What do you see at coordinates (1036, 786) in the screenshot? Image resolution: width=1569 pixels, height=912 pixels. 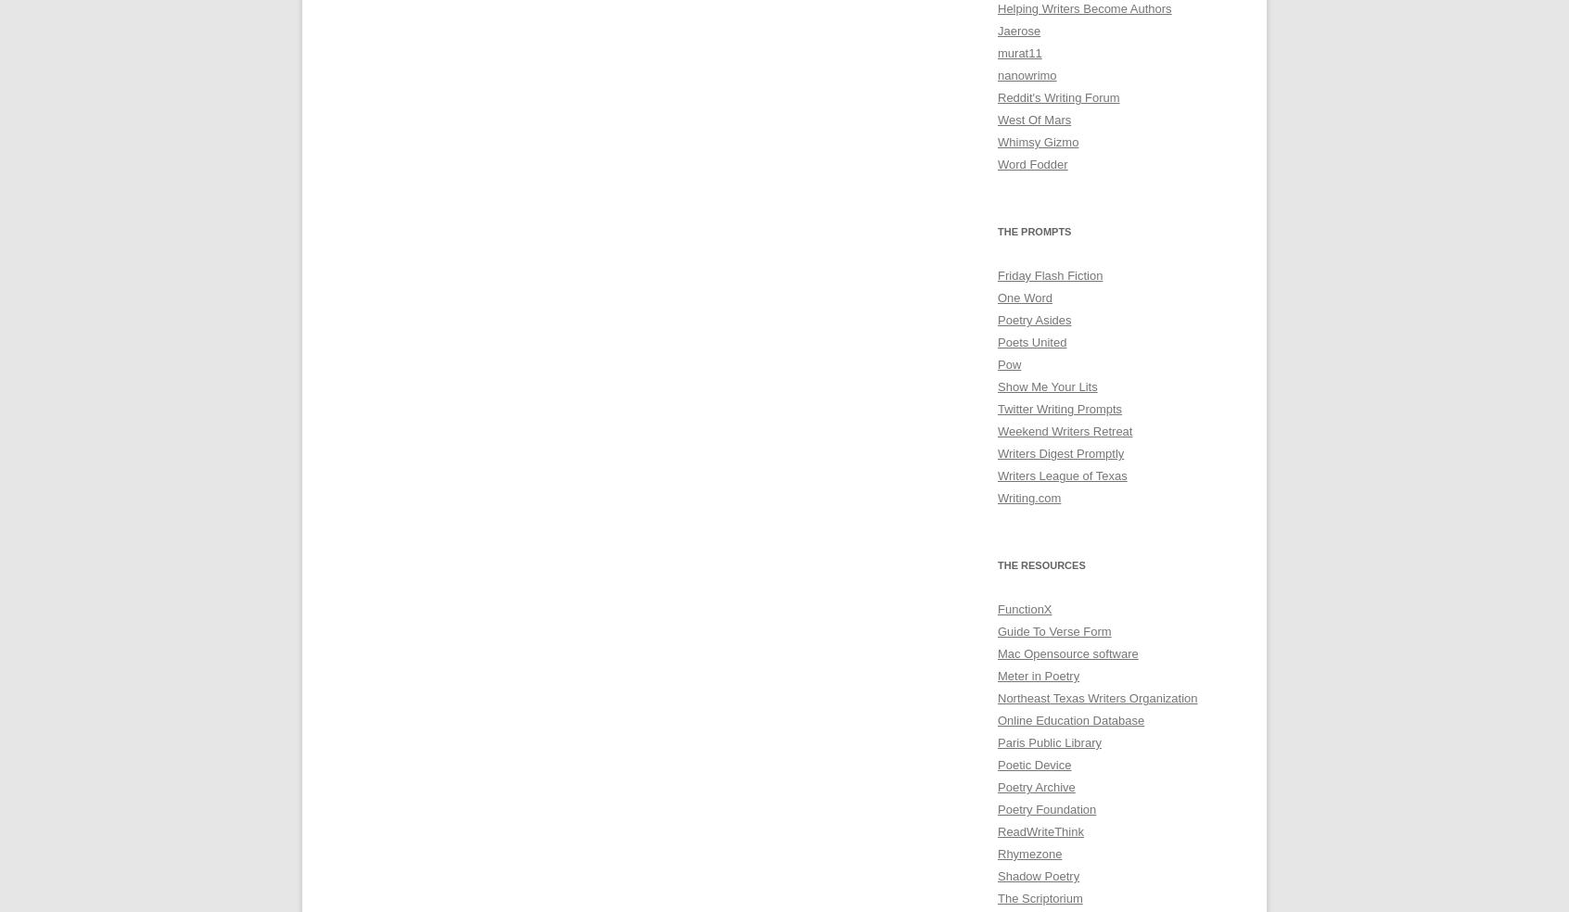 I see `'Poetry Archive'` at bounding box center [1036, 786].